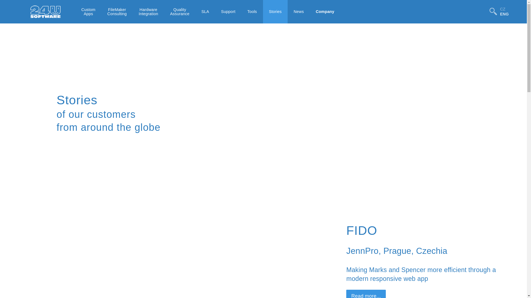 The height and width of the screenshot is (298, 531). What do you see at coordinates (205, 12) in the screenshot?
I see `'SLA'` at bounding box center [205, 12].